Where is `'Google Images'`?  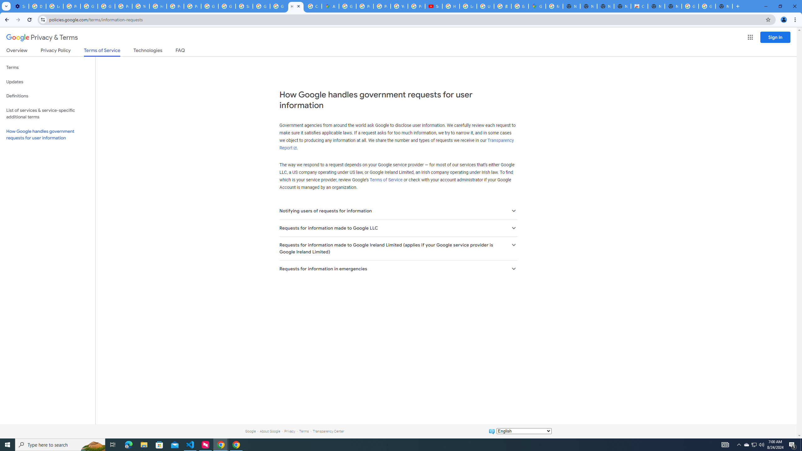 'Google Images' is located at coordinates (707, 6).